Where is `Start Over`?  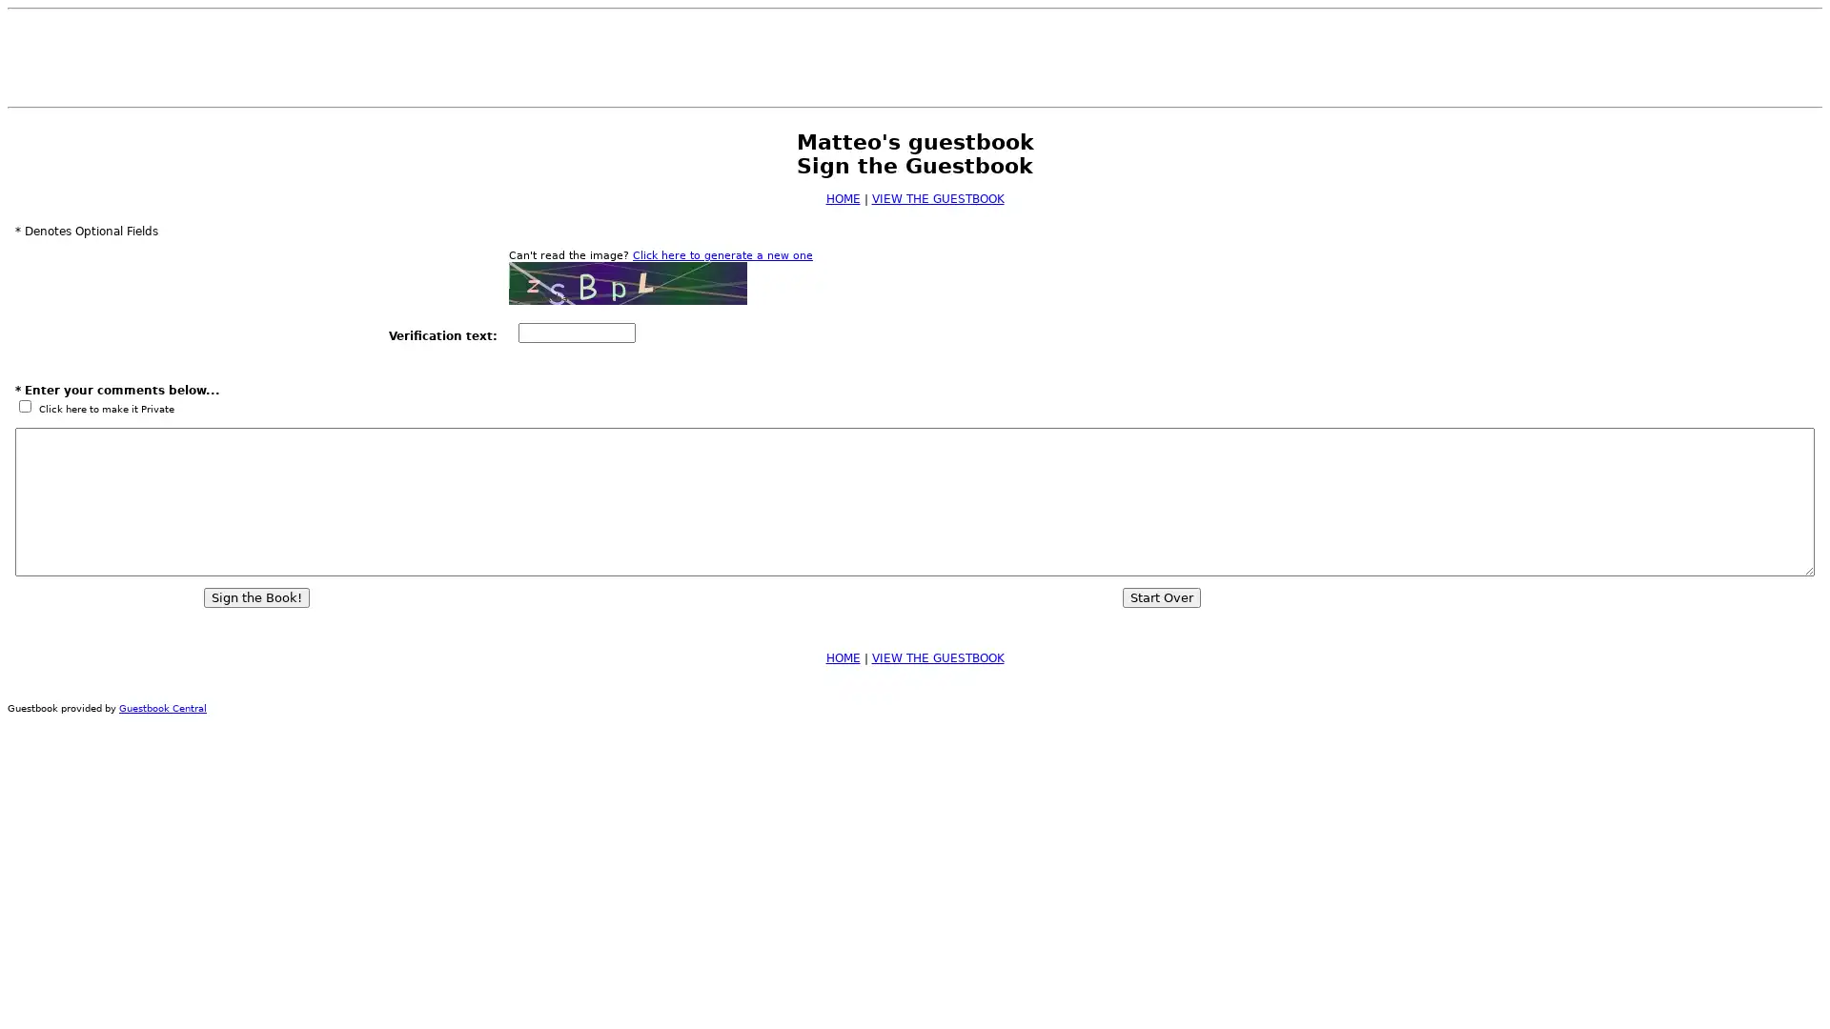
Start Over is located at coordinates (1161, 596).